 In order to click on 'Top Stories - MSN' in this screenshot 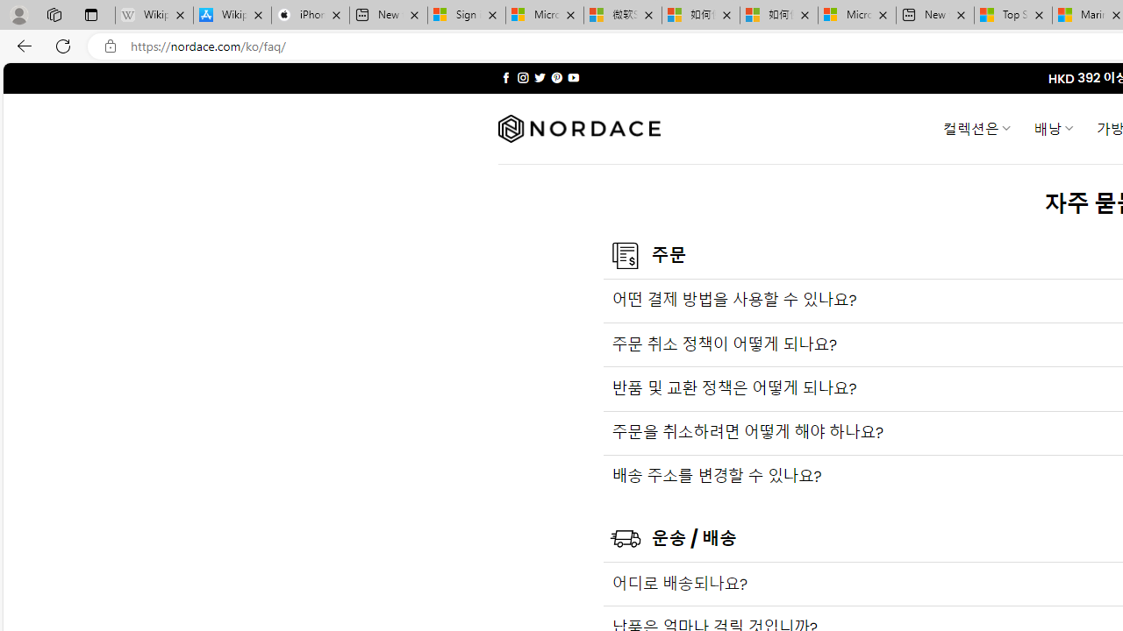, I will do `click(1013, 15)`.